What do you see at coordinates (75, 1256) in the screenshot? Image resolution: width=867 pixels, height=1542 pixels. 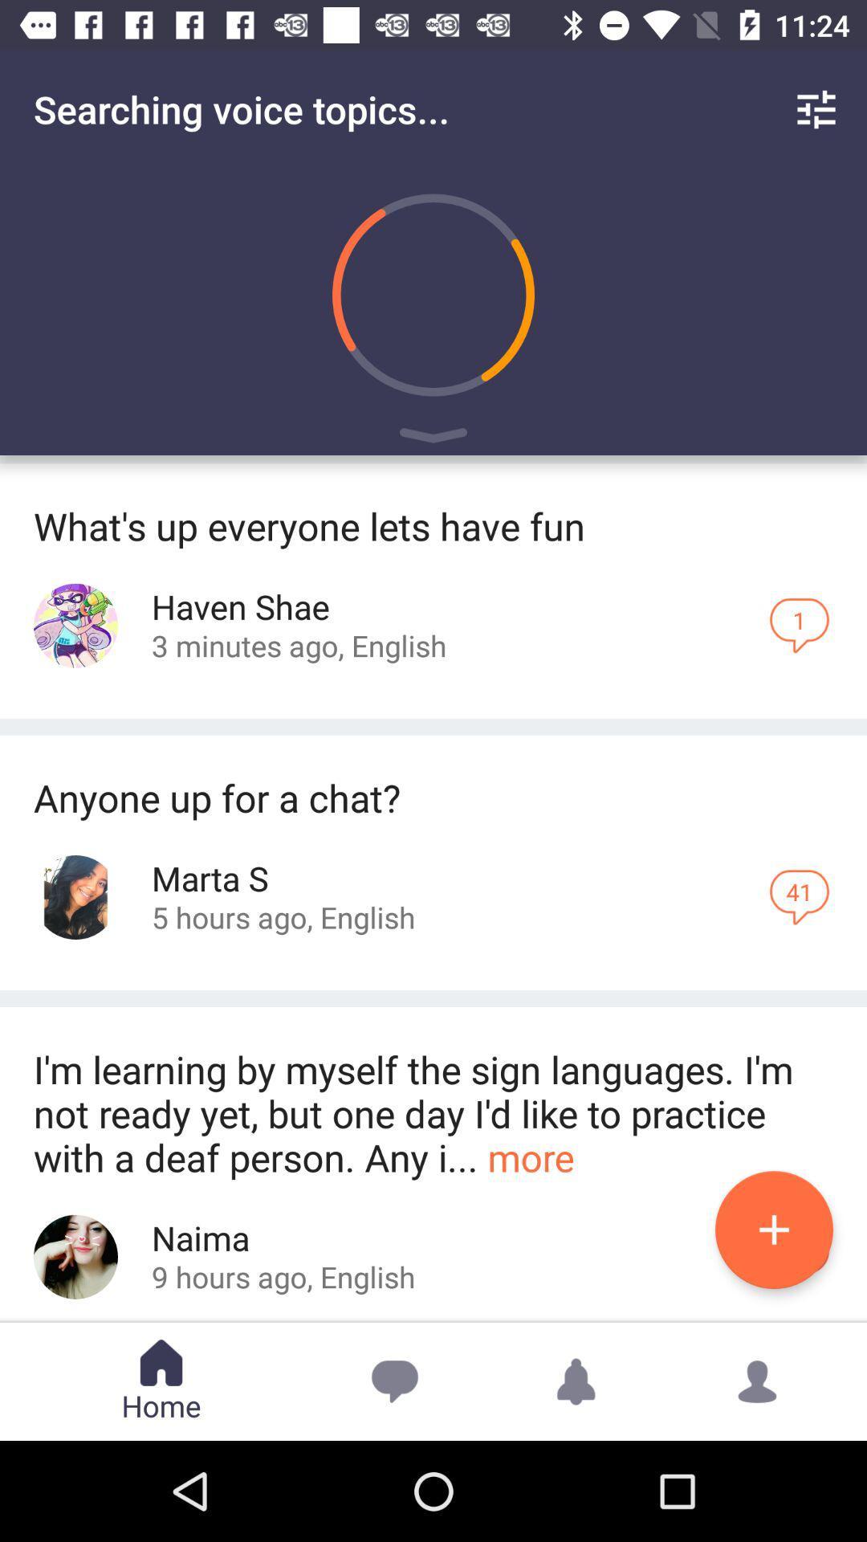 I see `open profile page` at bounding box center [75, 1256].